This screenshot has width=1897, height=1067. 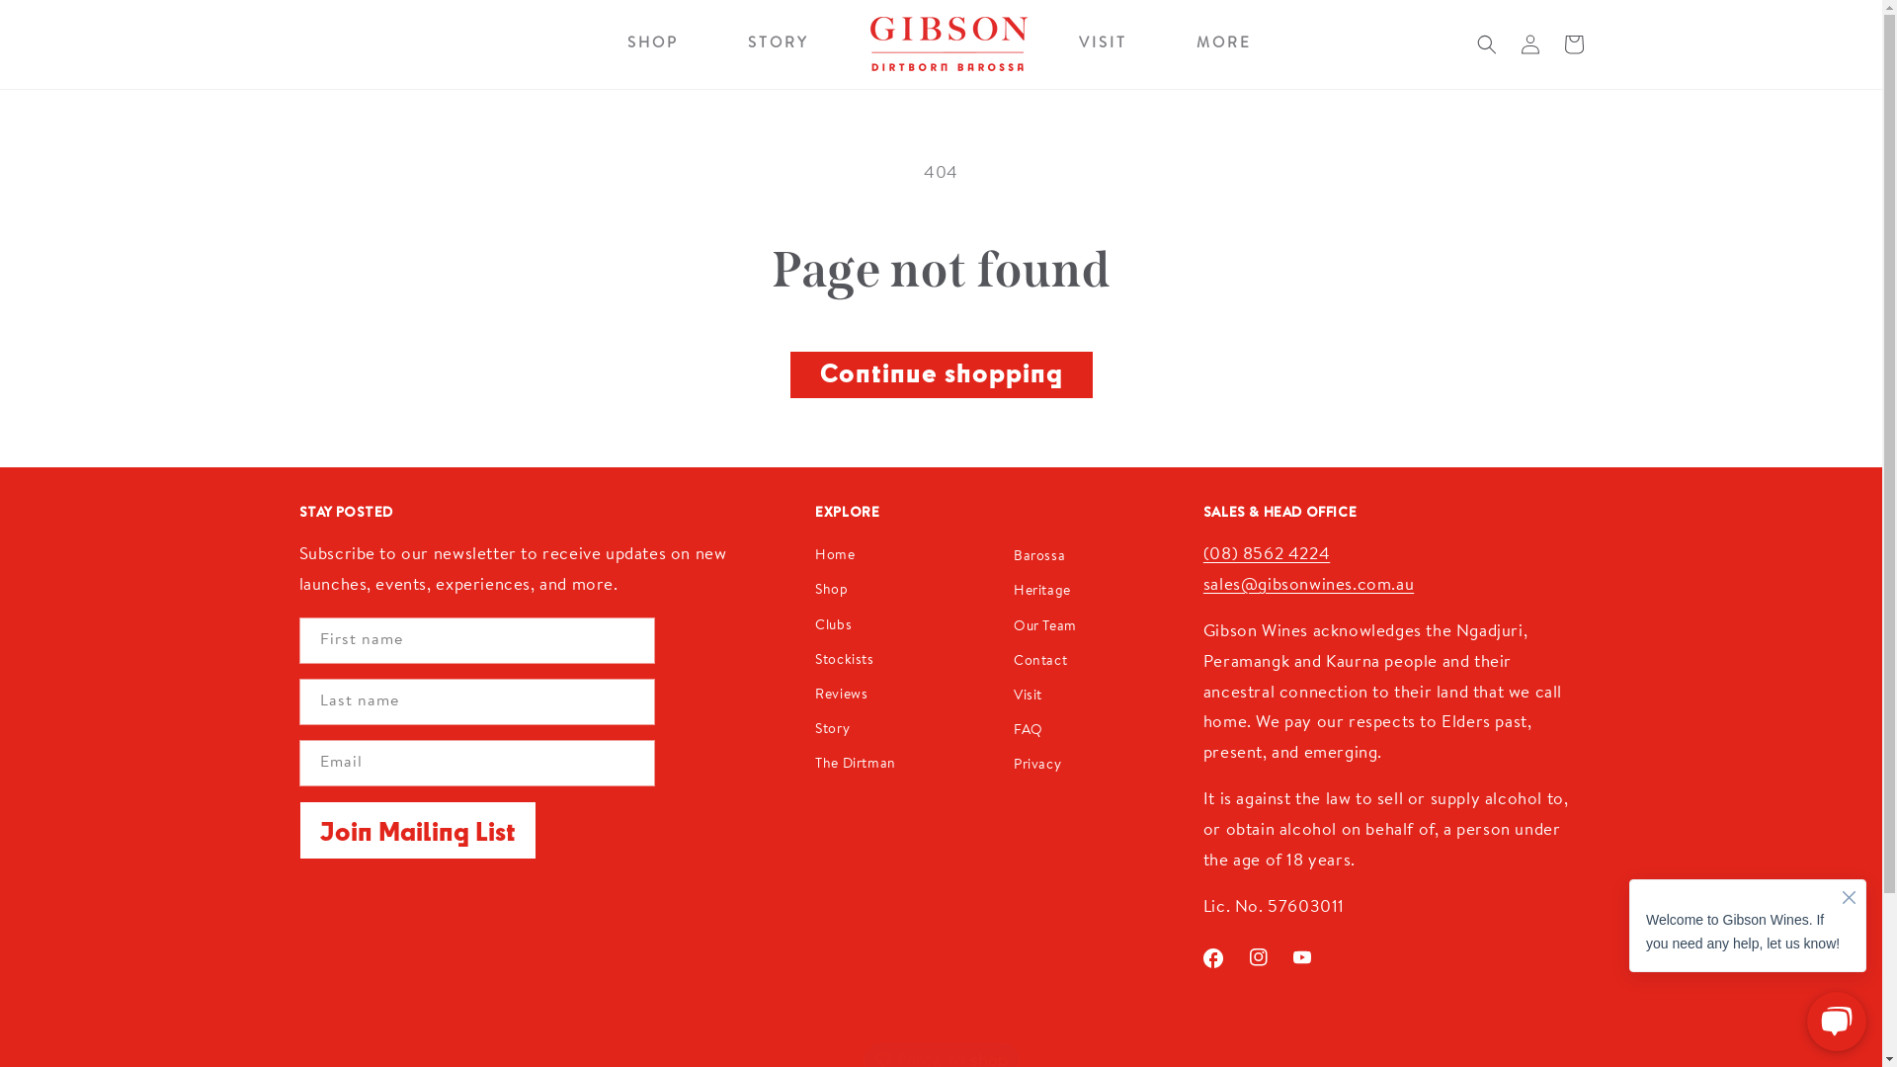 I want to click on 'The Dirtman', so click(x=855, y=764).